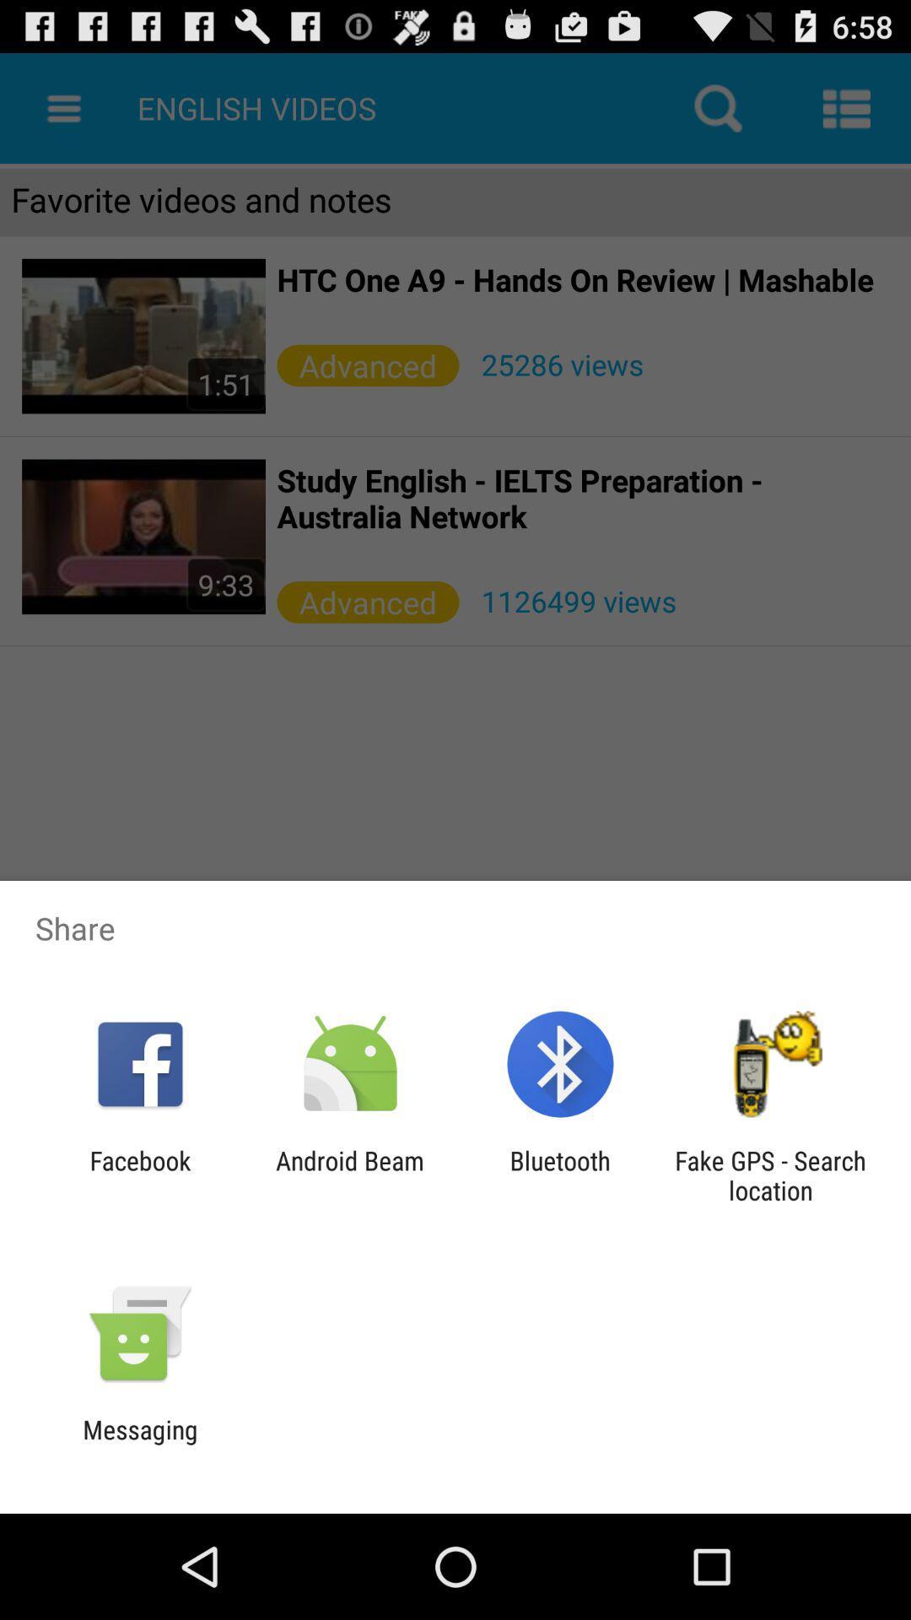 Image resolution: width=911 pixels, height=1620 pixels. Describe the element at coordinates (349, 1174) in the screenshot. I see `icon to the left of bluetooth` at that location.